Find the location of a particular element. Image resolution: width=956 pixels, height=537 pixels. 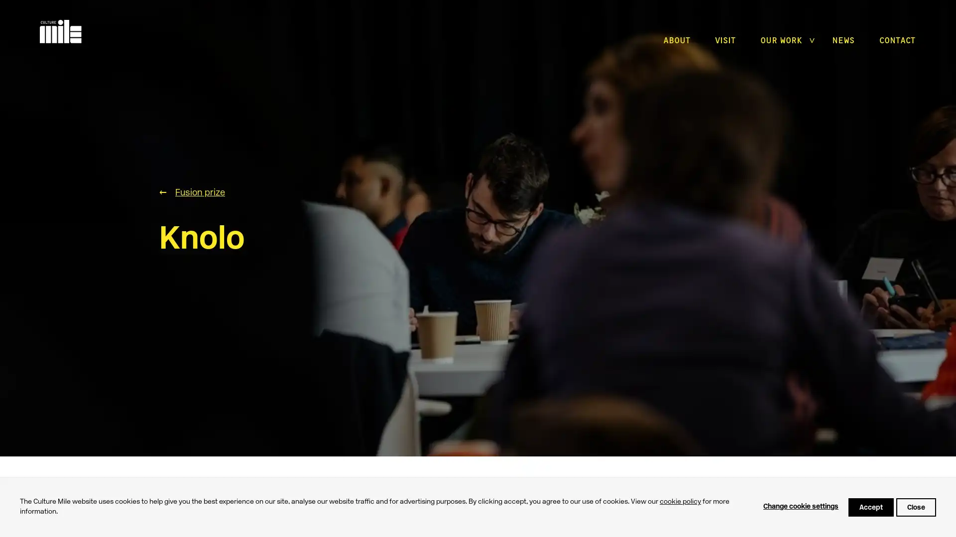

Close is located at coordinates (916, 507).